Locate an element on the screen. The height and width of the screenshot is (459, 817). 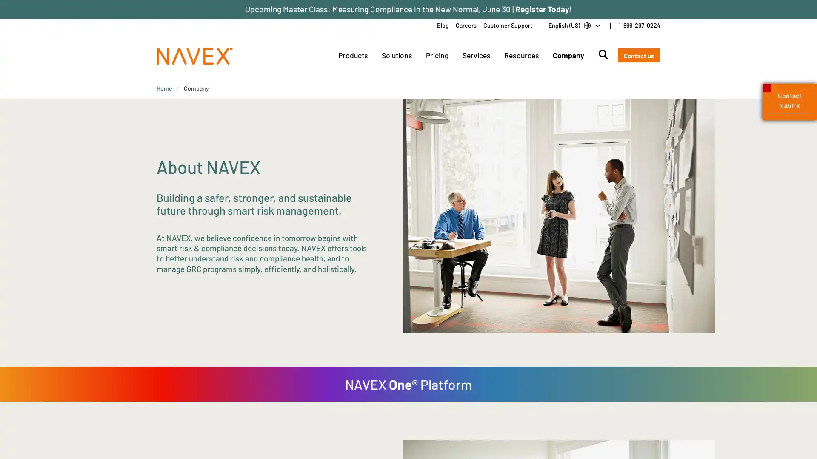
Services is located at coordinates (475, 55).